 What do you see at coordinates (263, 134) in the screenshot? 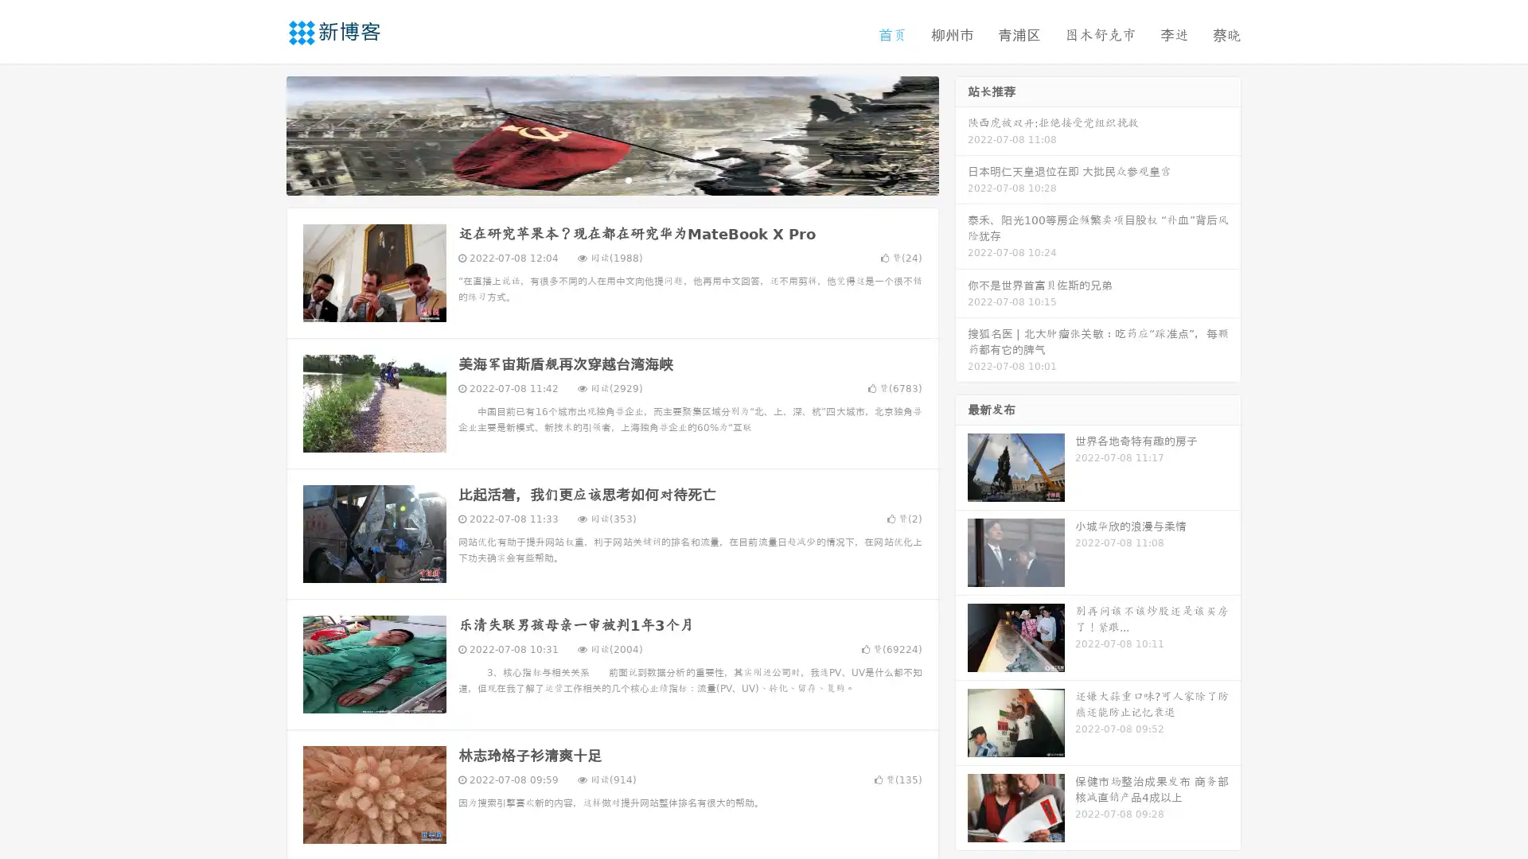
I see `Previous slide` at bounding box center [263, 134].